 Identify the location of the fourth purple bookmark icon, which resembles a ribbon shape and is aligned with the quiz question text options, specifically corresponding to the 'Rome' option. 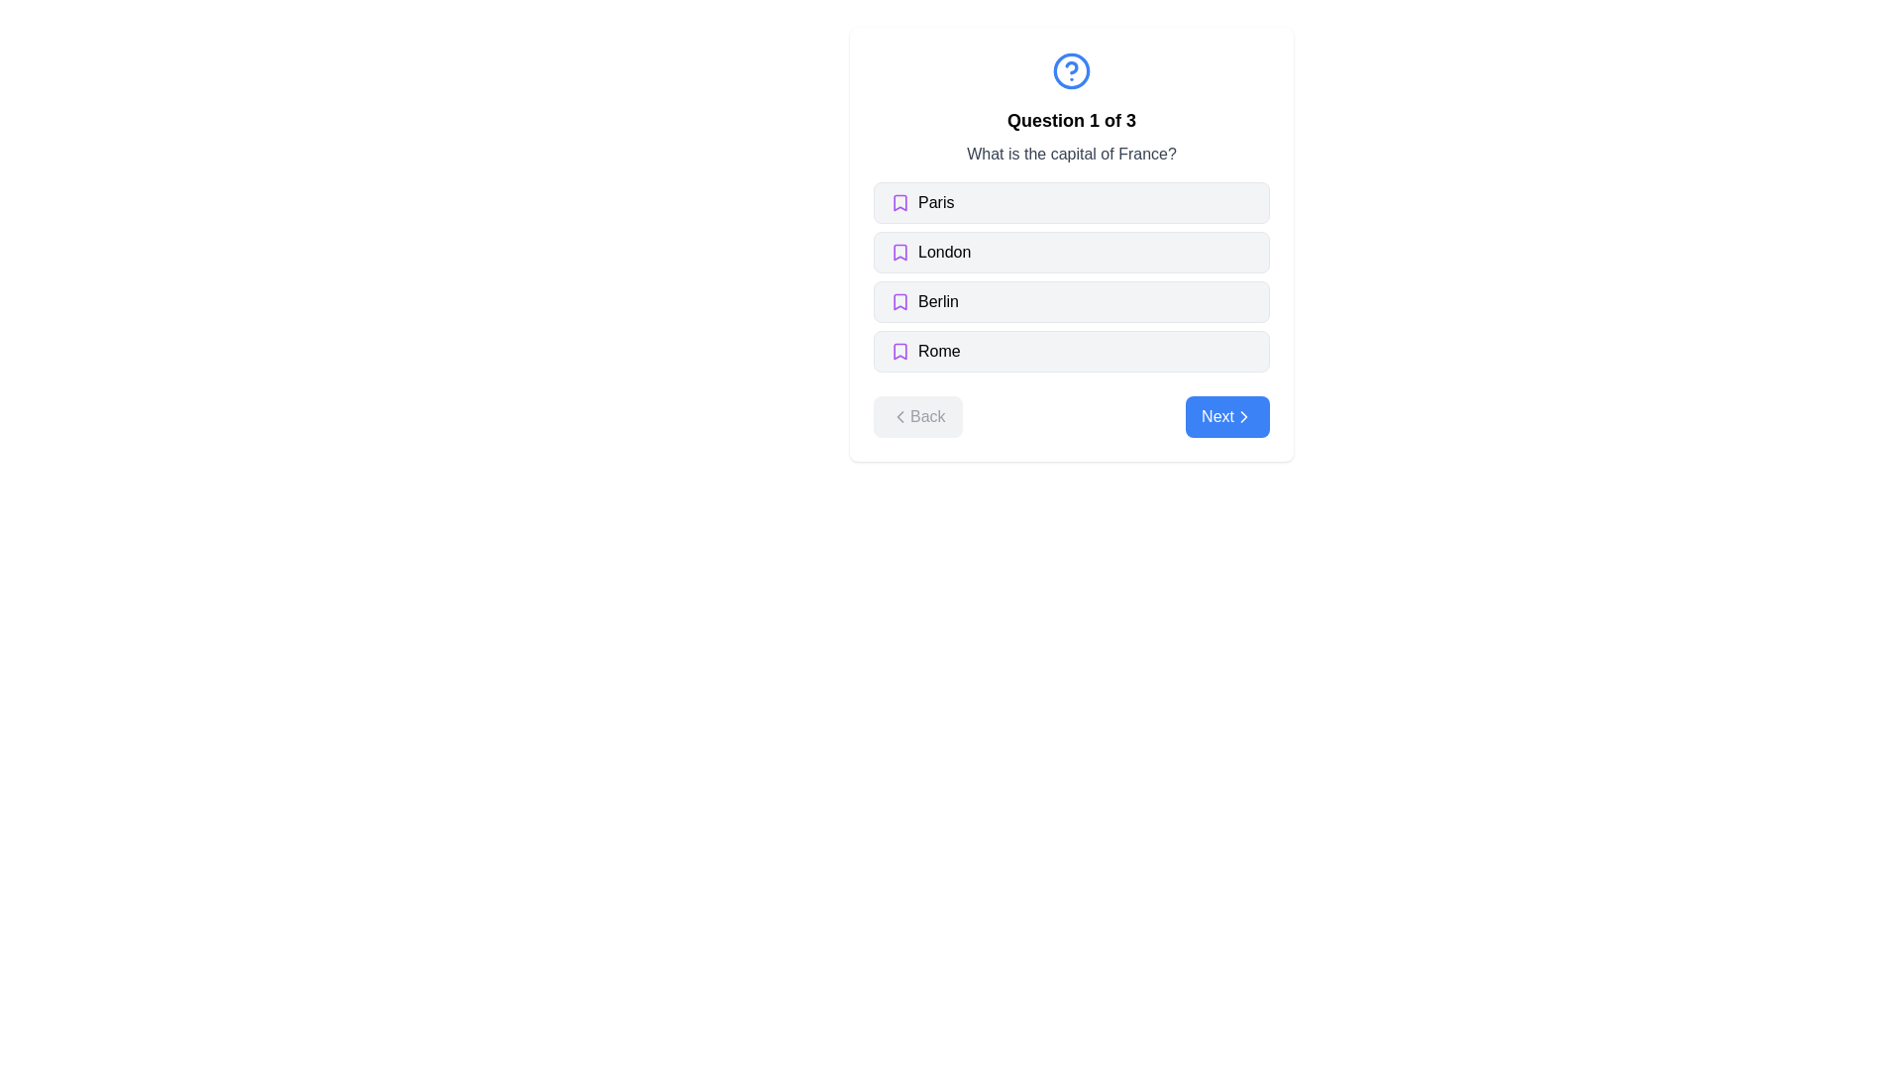
(898, 350).